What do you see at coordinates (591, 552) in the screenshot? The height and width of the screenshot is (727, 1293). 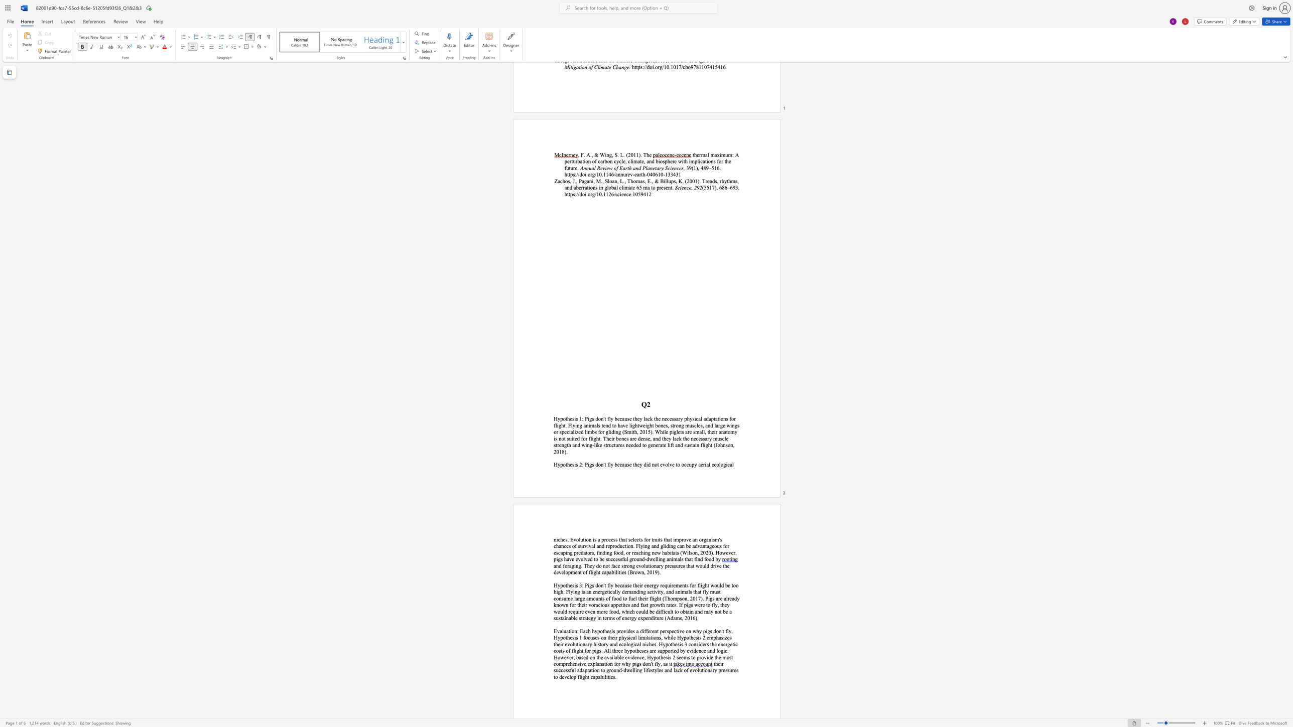 I see `the subset text "s, finding food, or reaching new habitats (Wilson, 2020). However, pigs have evolved to be successful groun" within the text "for escaping predators, finding food, or reaching new habitats (Wilson, 2020). However, pigs have evolved to be successful ground-dwelling animals that find food by"` at bounding box center [591, 552].